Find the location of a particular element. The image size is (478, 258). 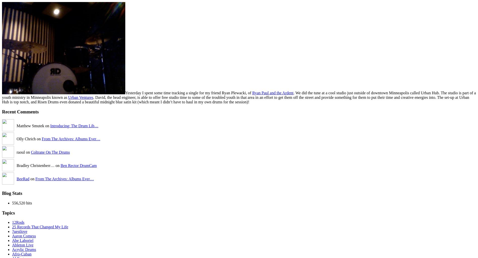

'on' is located at coordinates (32, 178).